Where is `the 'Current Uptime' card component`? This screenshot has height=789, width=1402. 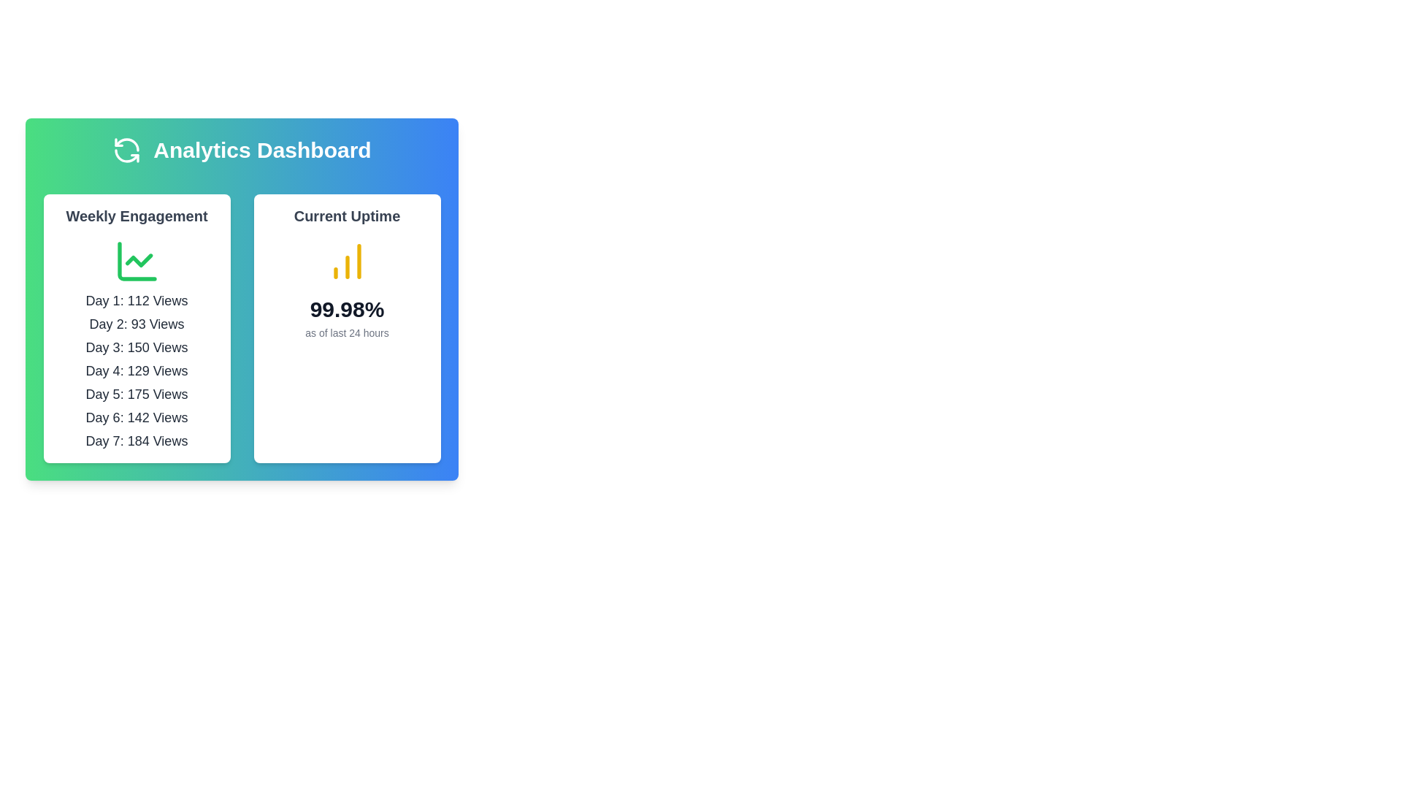 the 'Current Uptime' card component is located at coordinates (346, 329).